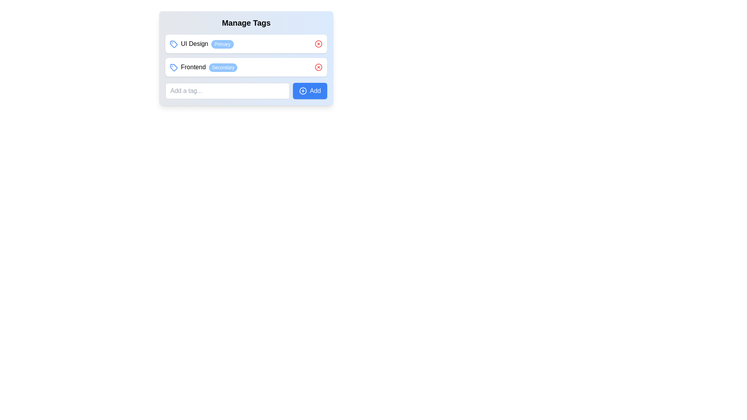 This screenshot has width=747, height=420. Describe the element at coordinates (309, 91) in the screenshot. I see `the 'Add Tag' button located to the right of the input field labeled 'Add a tag...'` at that location.